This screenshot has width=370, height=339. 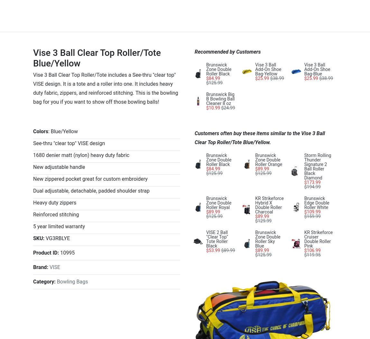 I want to click on 'Dual adjustable, detachable, padded shoulder strap', so click(x=91, y=190).